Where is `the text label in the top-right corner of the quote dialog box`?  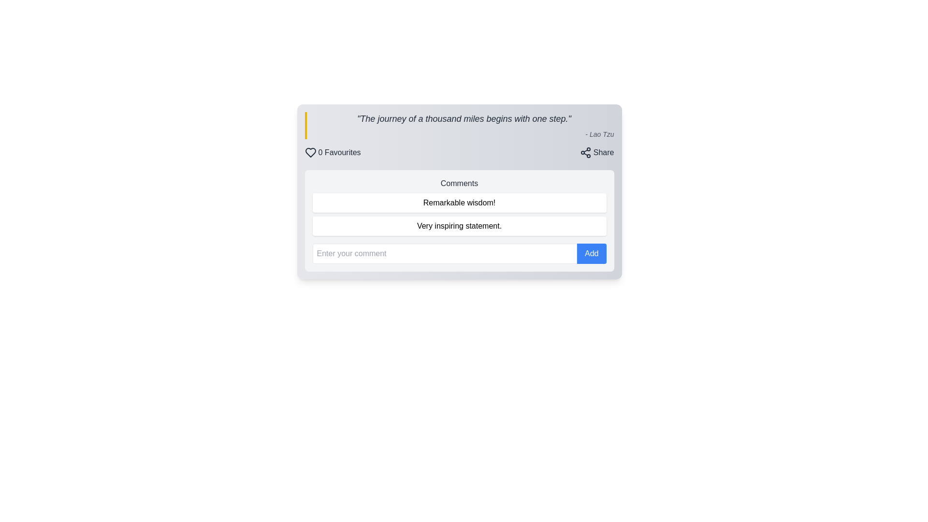
the text label in the top-right corner of the quote dialog box is located at coordinates (603, 152).